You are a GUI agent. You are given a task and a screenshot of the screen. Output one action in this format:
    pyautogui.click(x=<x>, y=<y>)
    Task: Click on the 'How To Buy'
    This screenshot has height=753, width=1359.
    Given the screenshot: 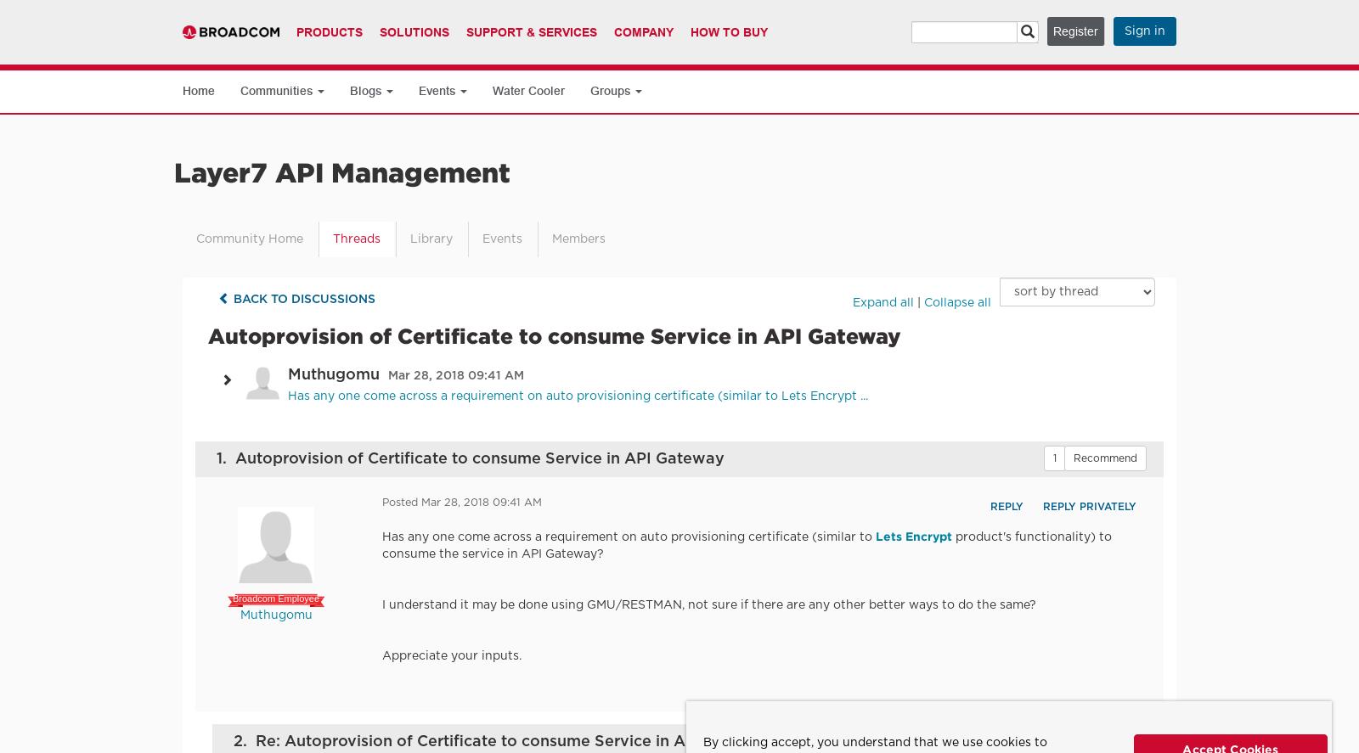 What is the action you would take?
    pyautogui.click(x=728, y=31)
    